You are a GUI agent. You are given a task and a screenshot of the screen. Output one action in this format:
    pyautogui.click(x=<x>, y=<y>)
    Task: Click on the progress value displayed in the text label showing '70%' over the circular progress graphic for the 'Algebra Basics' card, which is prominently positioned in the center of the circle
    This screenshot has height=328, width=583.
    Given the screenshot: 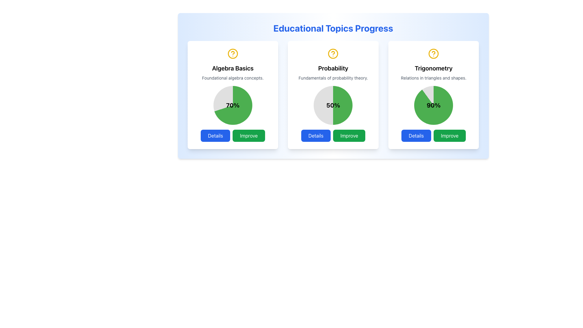 What is the action you would take?
    pyautogui.click(x=232, y=105)
    